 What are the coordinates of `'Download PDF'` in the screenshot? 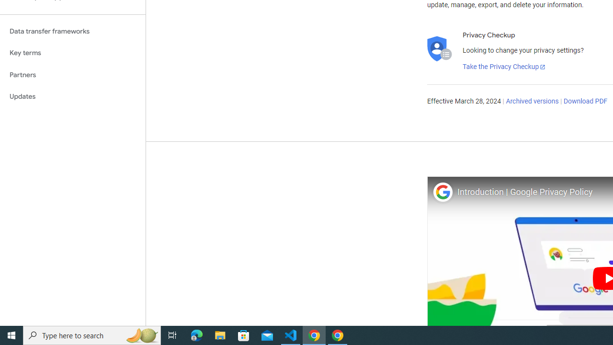 It's located at (585, 102).